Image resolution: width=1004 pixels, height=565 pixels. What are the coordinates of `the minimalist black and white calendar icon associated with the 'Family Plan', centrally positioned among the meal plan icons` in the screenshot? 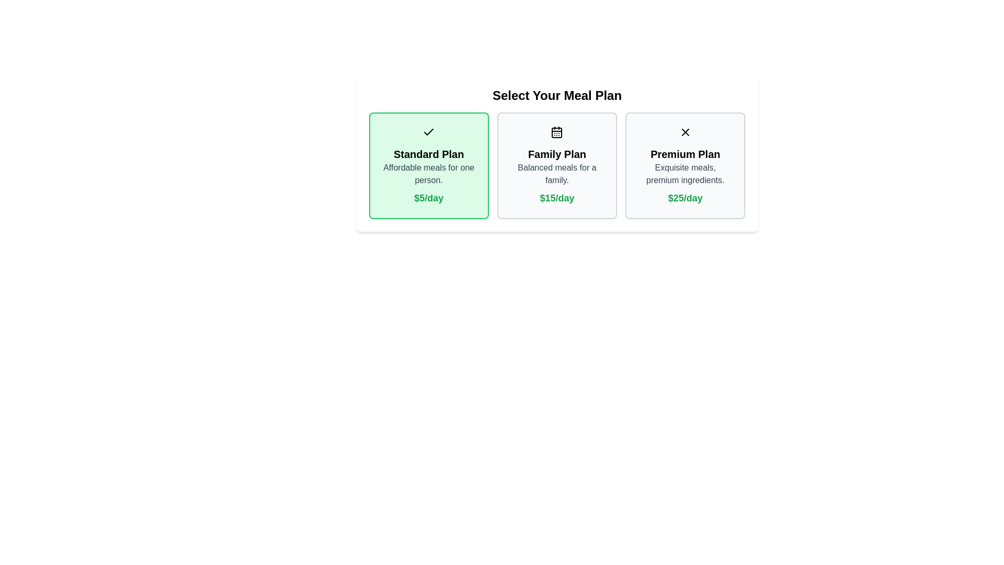 It's located at (556, 132).